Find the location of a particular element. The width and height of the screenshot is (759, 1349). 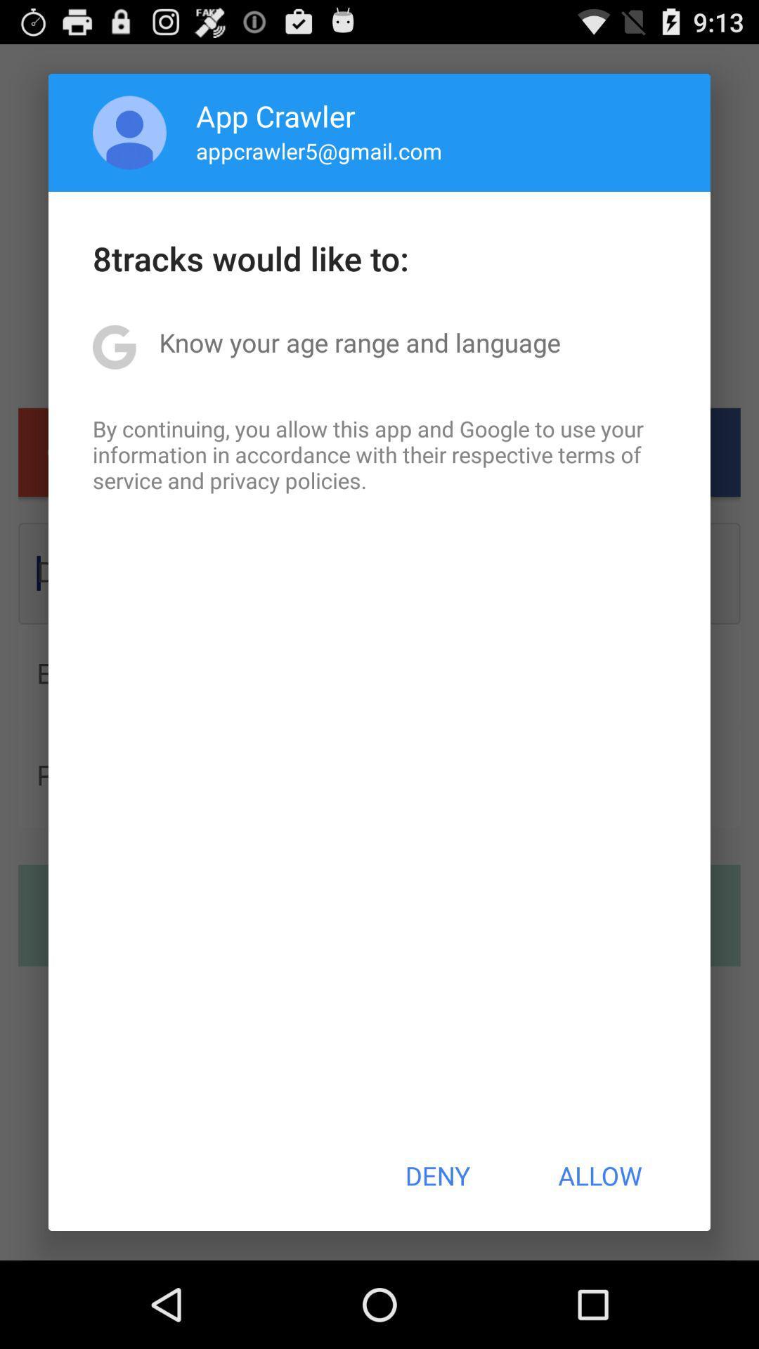

the app above the appcrawler5@gmail.com is located at coordinates (275, 115).